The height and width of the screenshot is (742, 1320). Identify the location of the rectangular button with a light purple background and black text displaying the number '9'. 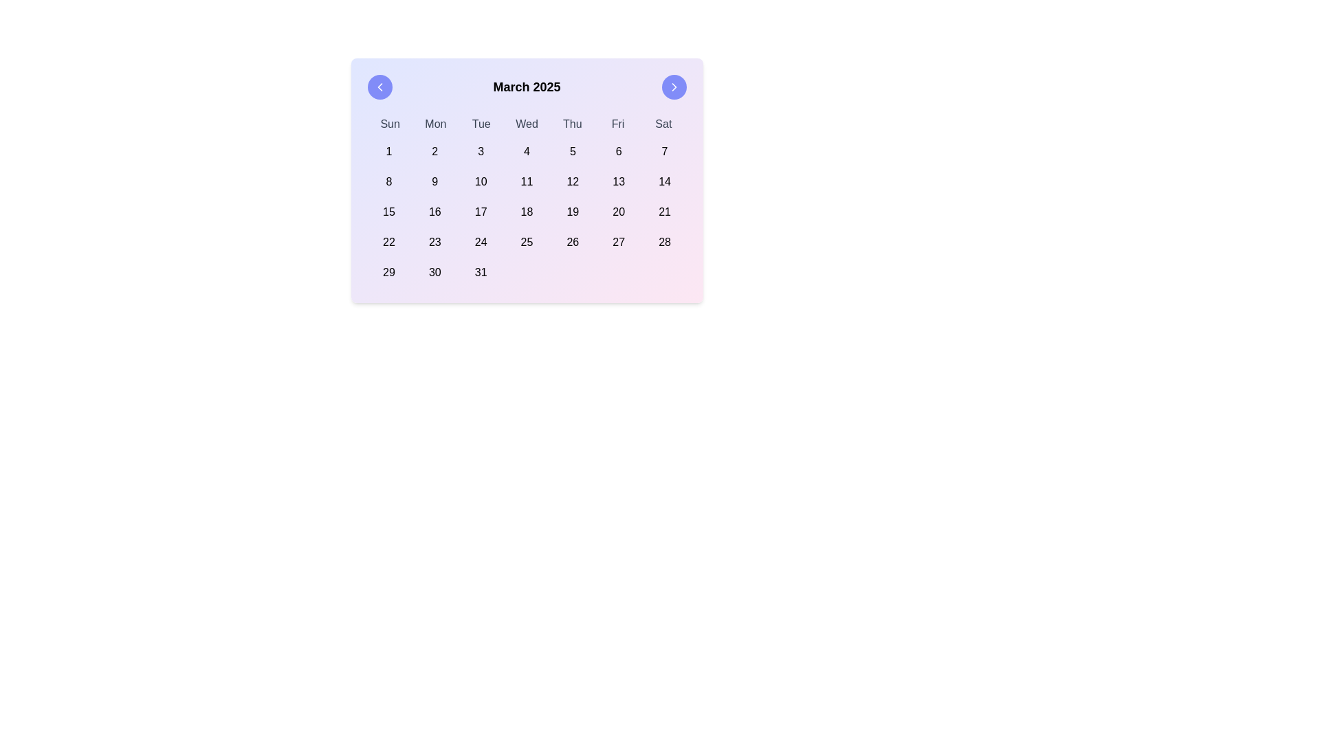
(434, 181).